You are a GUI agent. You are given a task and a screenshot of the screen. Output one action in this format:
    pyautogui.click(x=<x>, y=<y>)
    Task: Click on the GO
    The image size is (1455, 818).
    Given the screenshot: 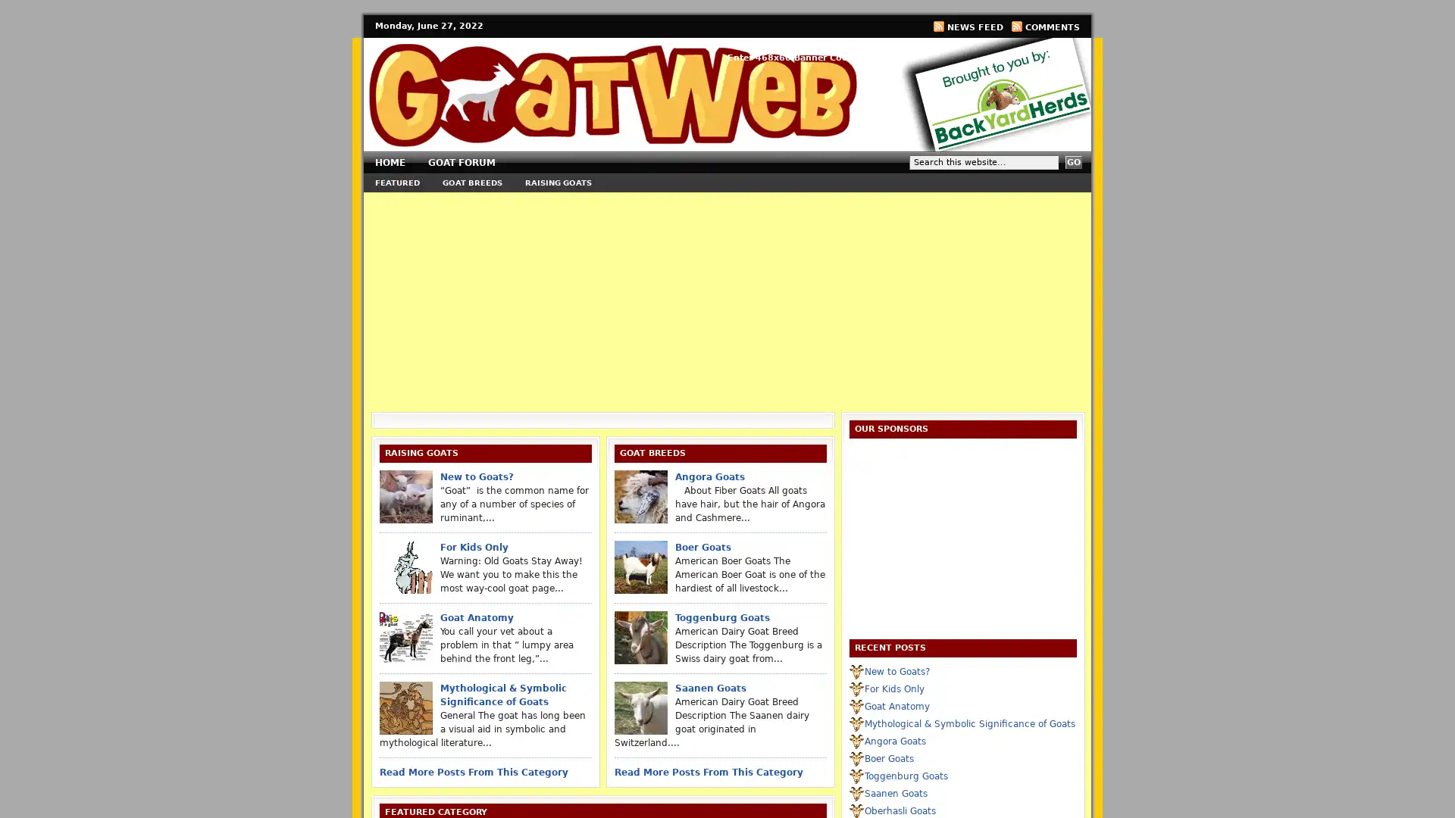 What is the action you would take?
    pyautogui.click(x=1072, y=162)
    